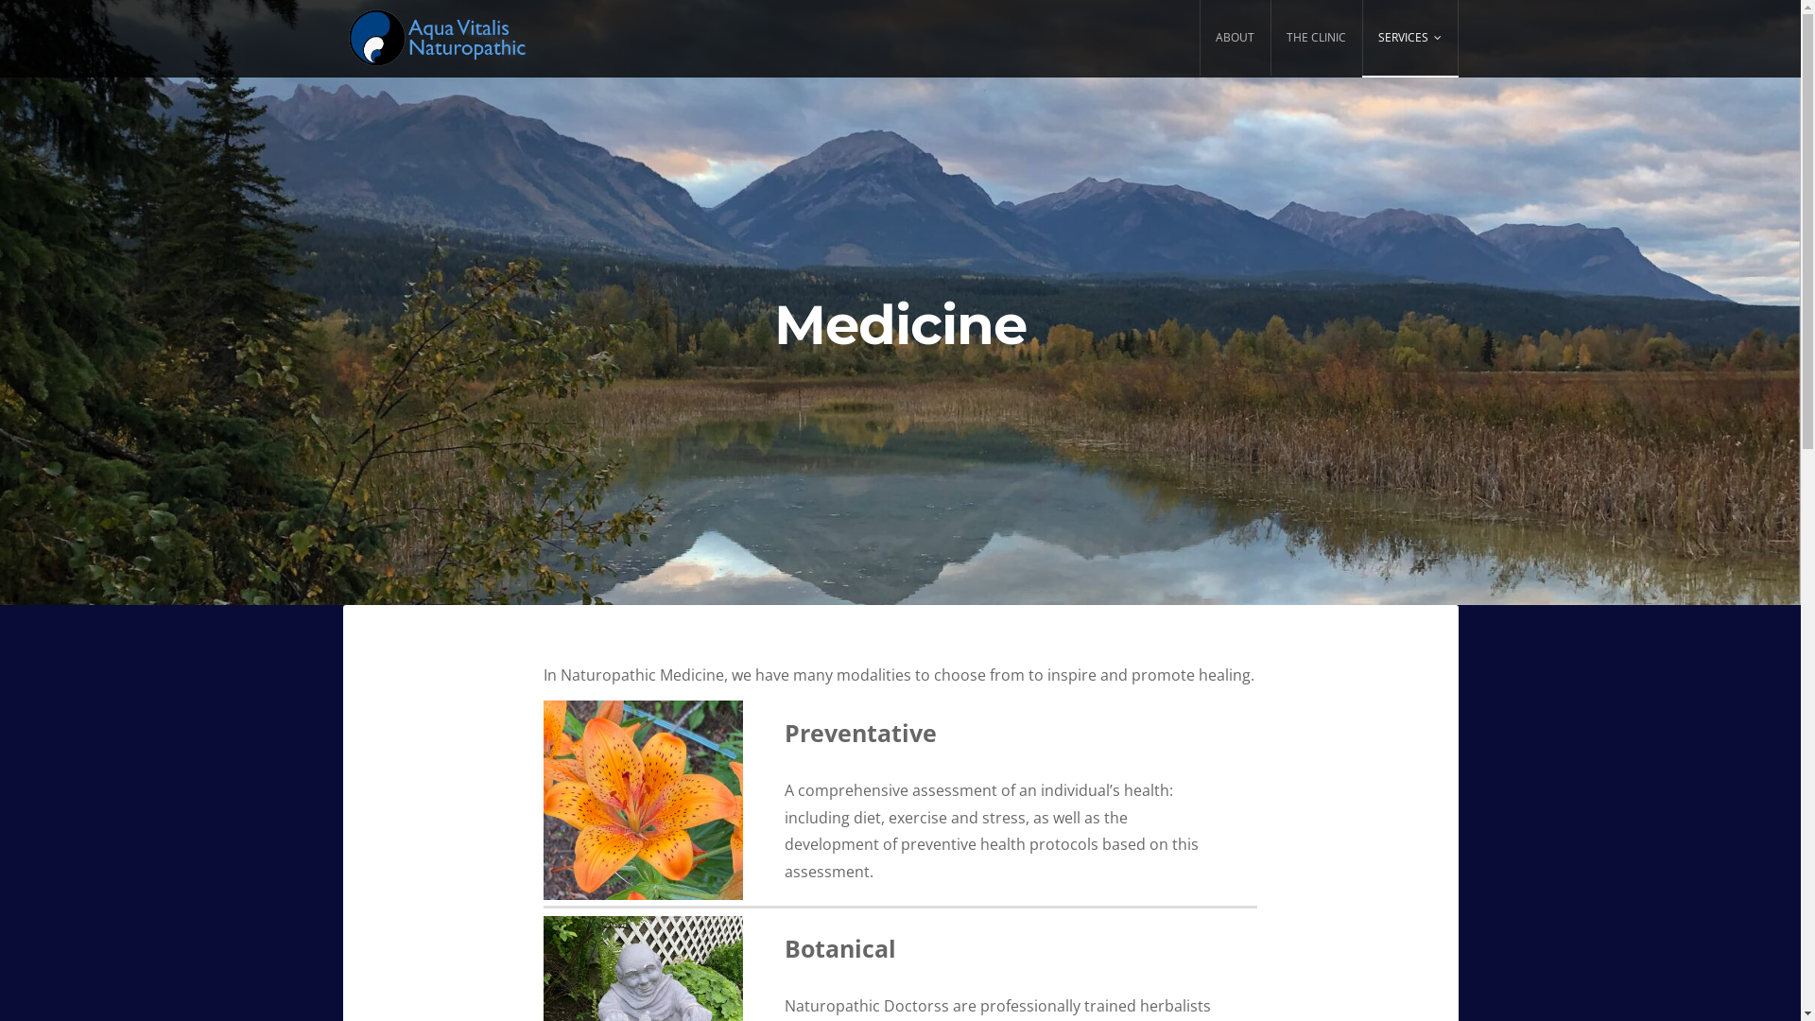  Describe the element at coordinates (1235, 37) in the screenshot. I see `'ABOUT'` at that location.